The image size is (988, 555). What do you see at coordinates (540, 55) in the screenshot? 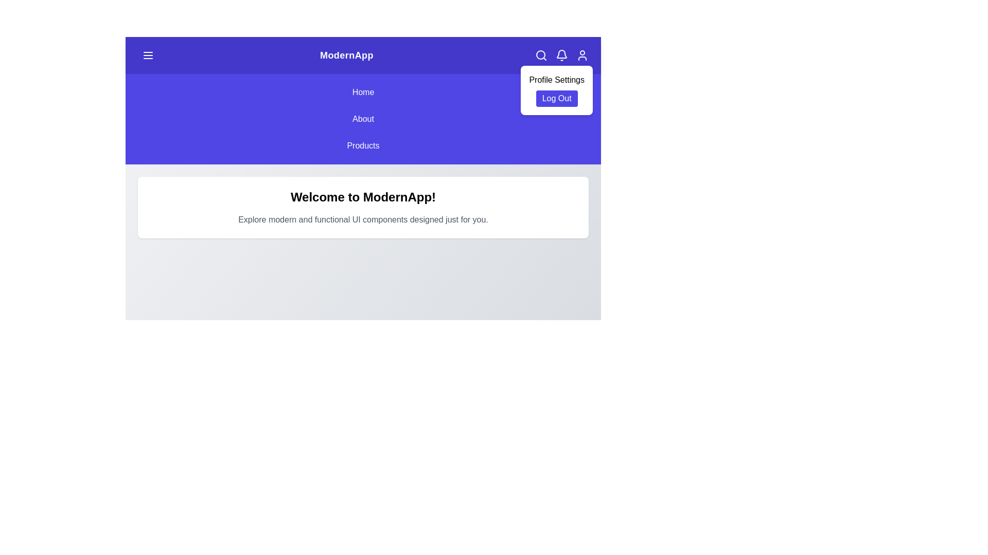
I see `the search icon in the app bar` at bounding box center [540, 55].